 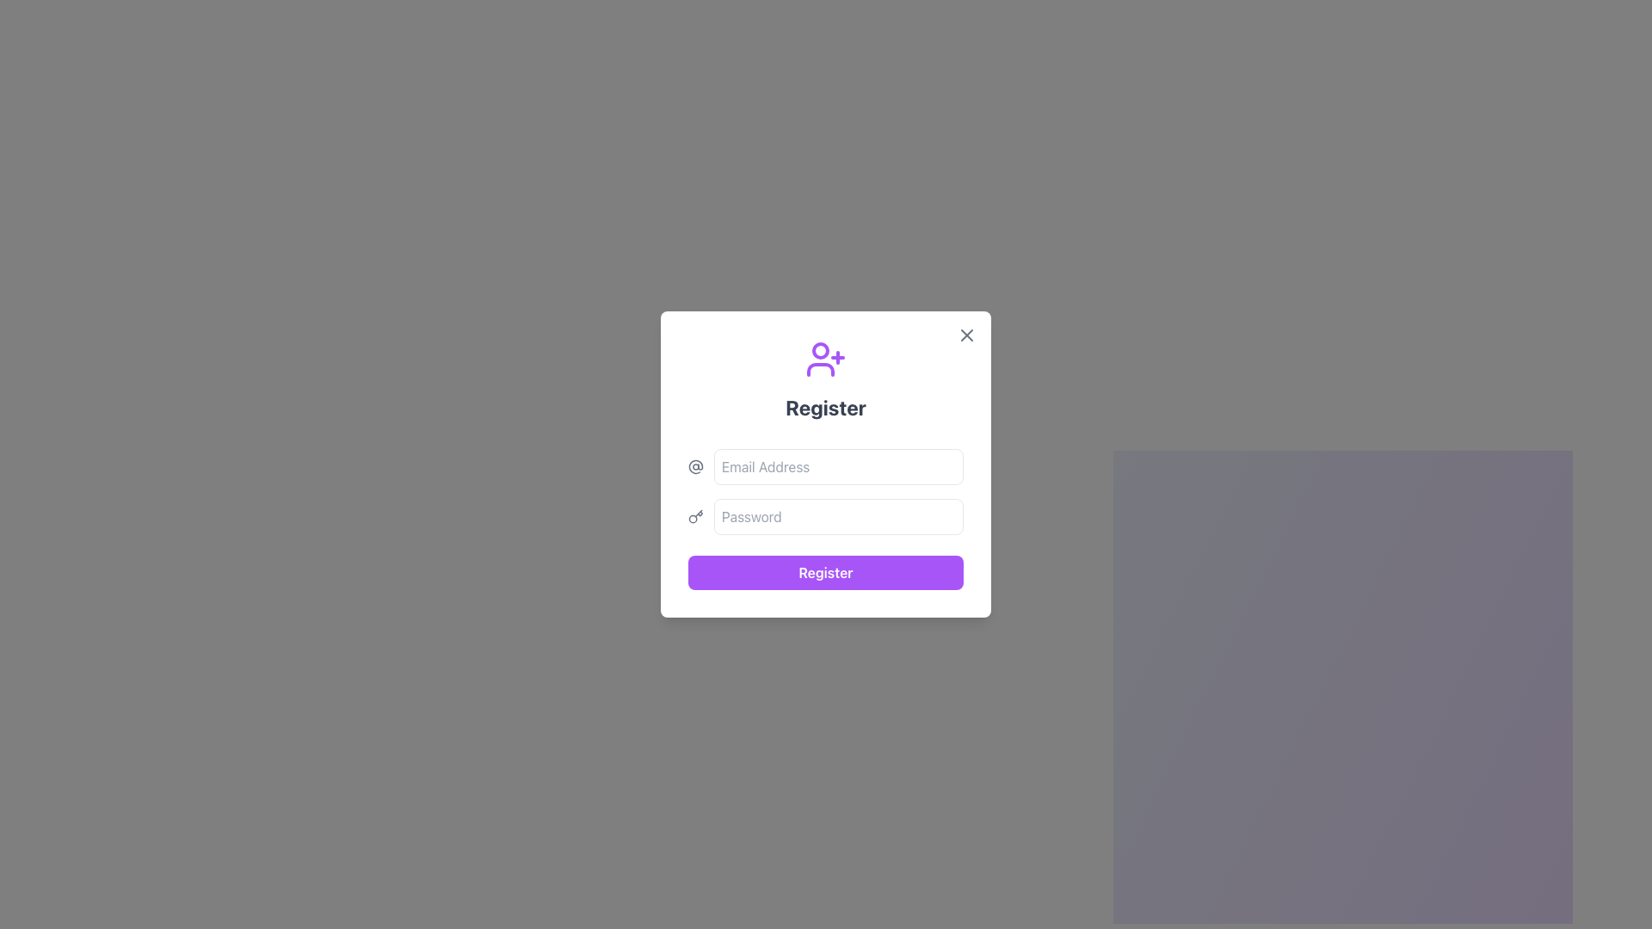 What do you see at coordinates (696, 467) in the screenshot?
I see `the decorative icon indicating the email address input field in the registration pop-up, located to the left of the 'Email Address' input field` at bounding box center [696, 467].